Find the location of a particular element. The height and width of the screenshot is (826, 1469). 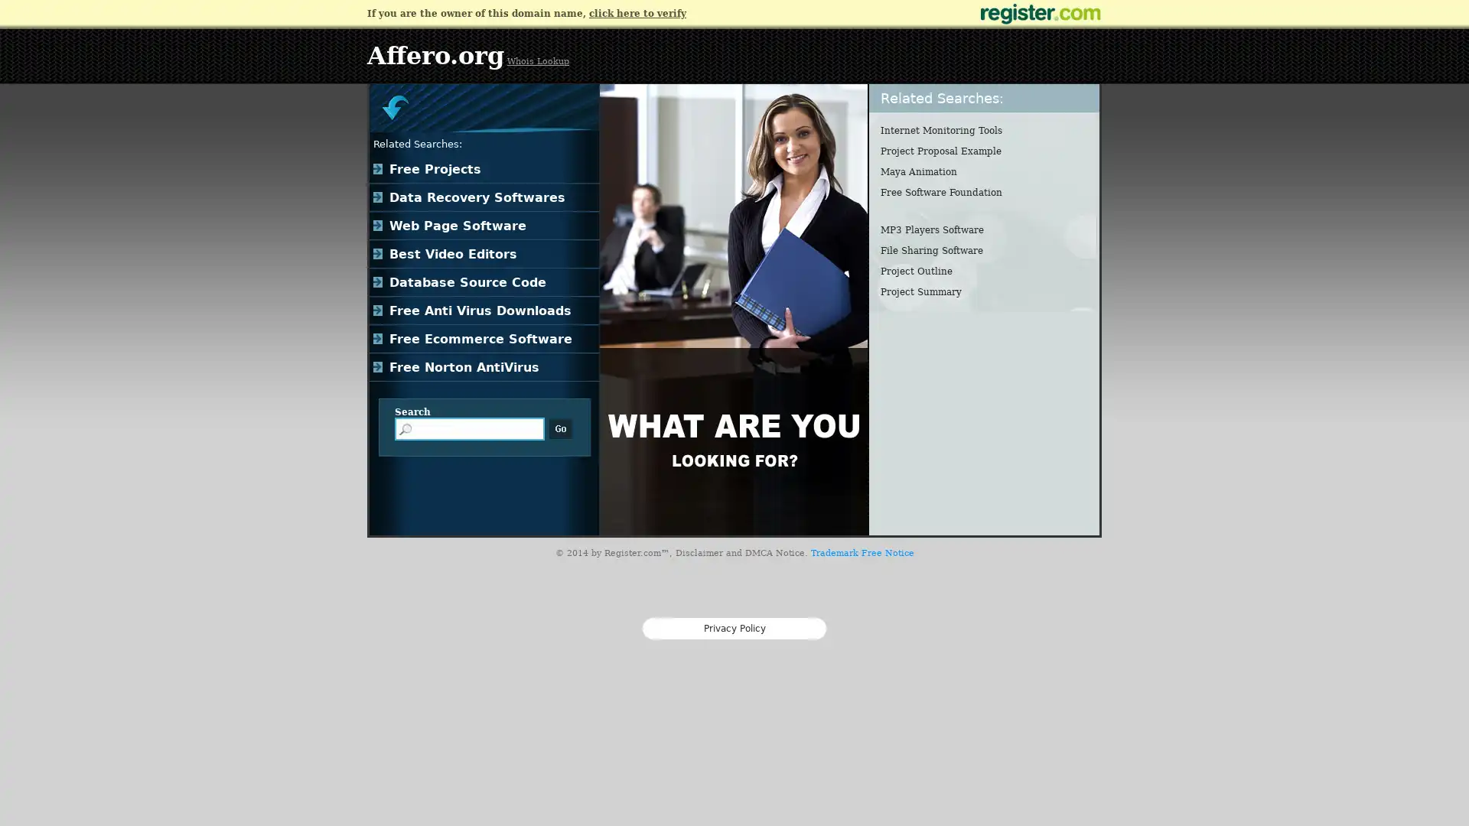

Go is located at coordinates (560, 428).